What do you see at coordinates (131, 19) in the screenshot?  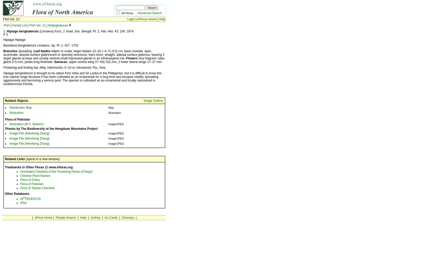 I see `'Login'` at bounding box center [131, 19].